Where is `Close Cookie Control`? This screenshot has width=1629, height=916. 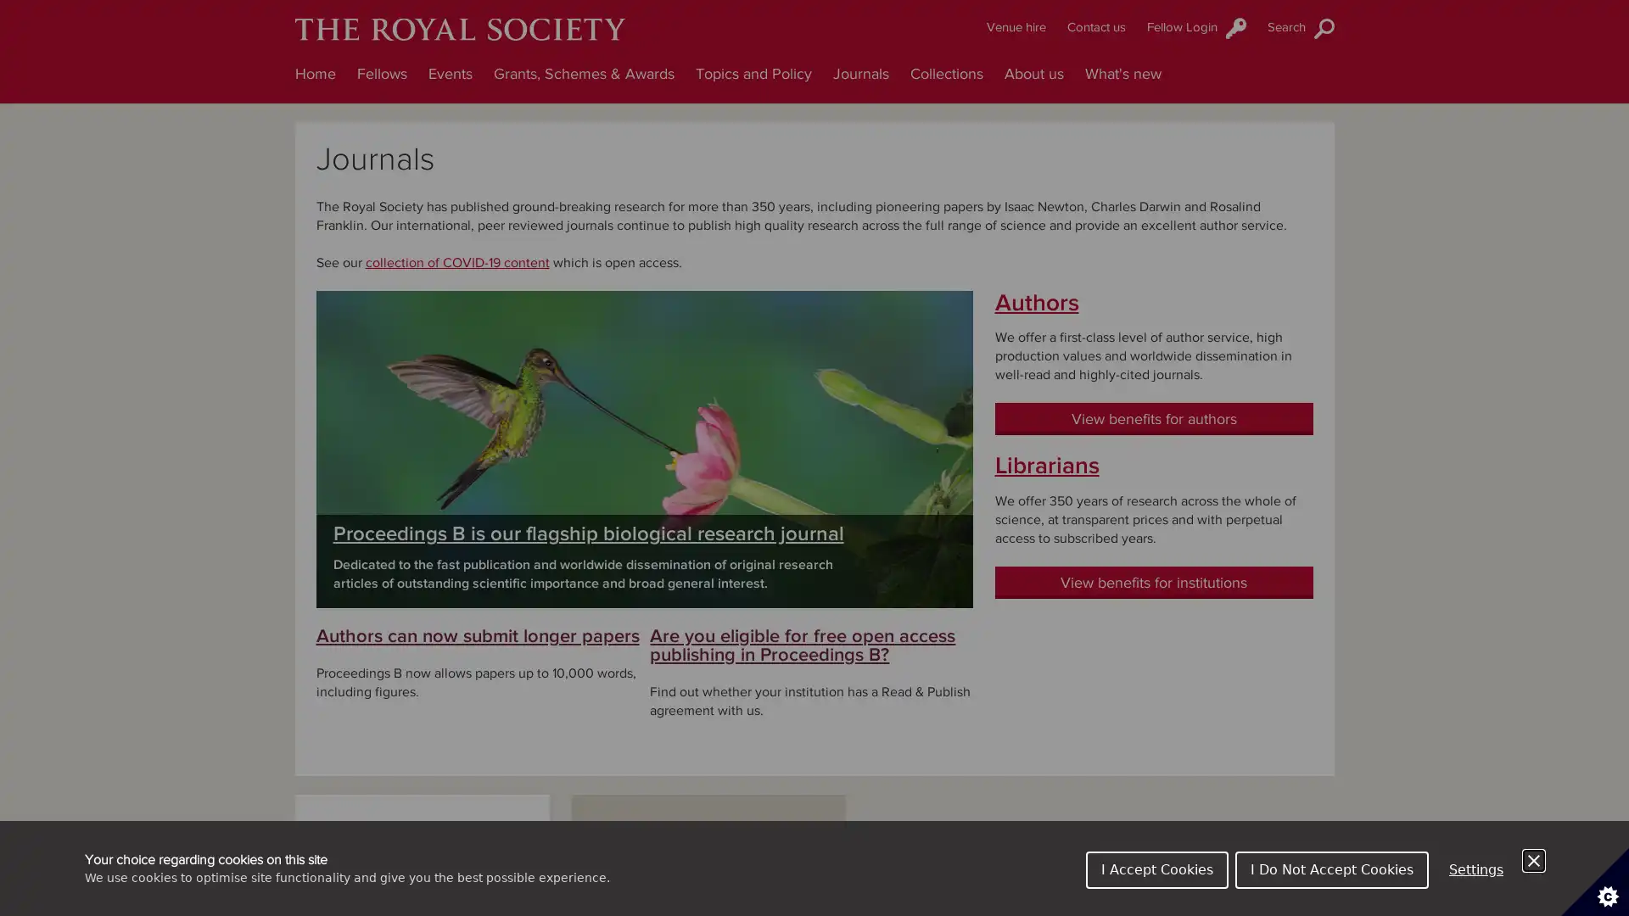 Close Cookie Control is located at coordinates (1534, 860).